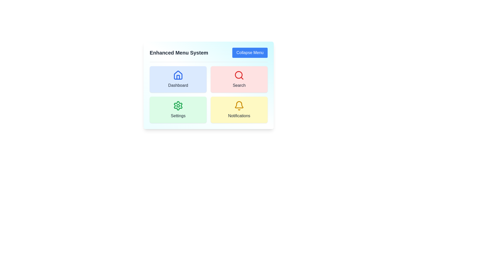  I want to click on the magnifying glass icon outlined in red, which is centered within the pink 'Search' button located in the second row, second column of the button grid, so click(239, 75).